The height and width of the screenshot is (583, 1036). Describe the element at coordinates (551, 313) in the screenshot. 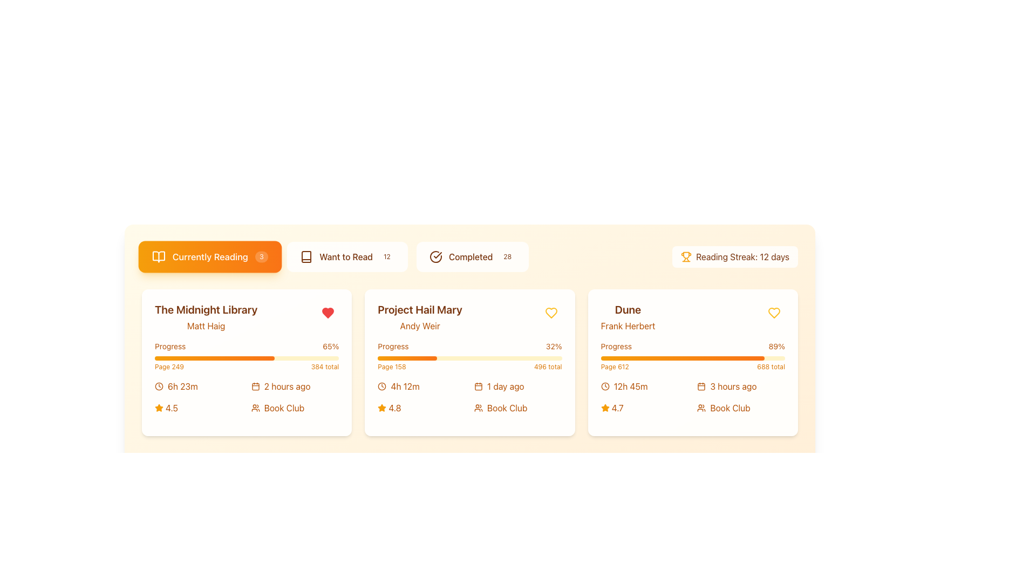

I see `the favorite button located in the top-right corner of the 'Project Hail Mary' card, adjacent to the text 'Andy Weir'` at that location.